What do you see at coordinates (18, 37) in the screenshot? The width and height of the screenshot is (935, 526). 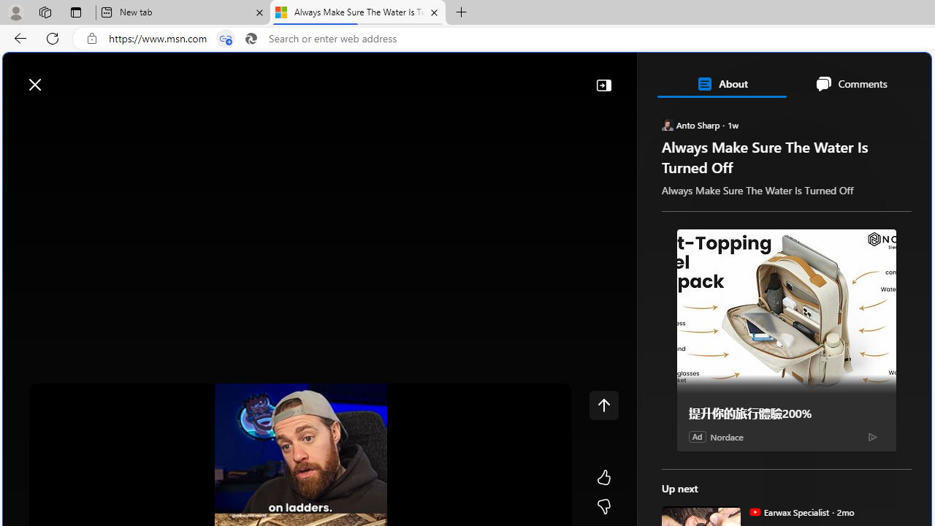 I see `'Back'` at bounding box center [18, 37].